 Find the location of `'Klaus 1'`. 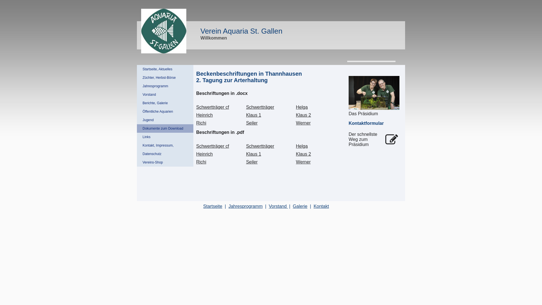

'Klaus 1' is located at coordinates (246, 115).